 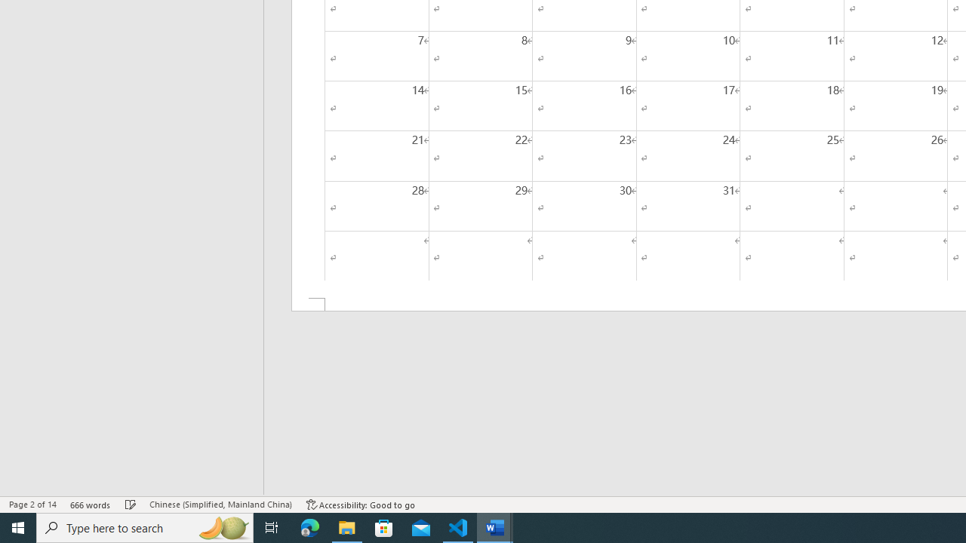 I want to click on 'Spelling and Grammar Check No Errors', so click(x=131, y=505).